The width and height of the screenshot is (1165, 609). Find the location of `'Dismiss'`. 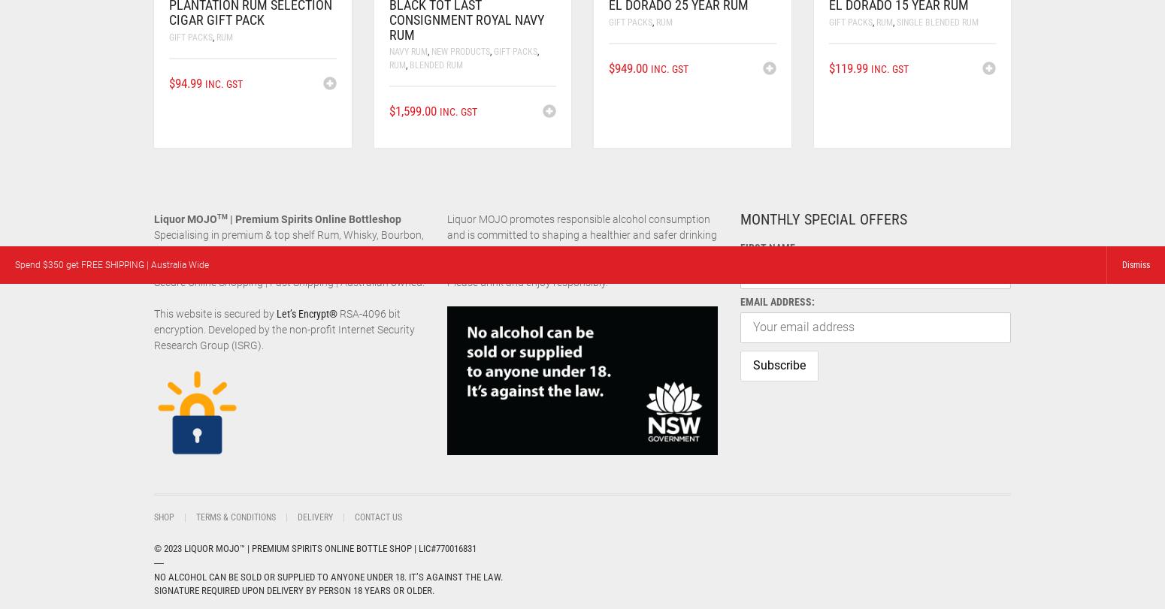

'Dismiss' is located at coordinates (1136, 265).